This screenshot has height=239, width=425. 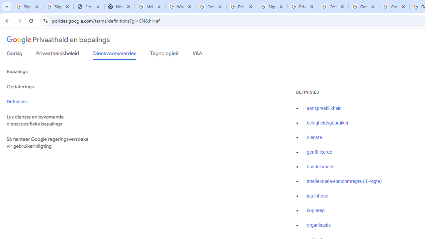 What do you see at coordinates (317, 196) in the screenshot?
I see `'jou inhoud'` at bounding box center [317, 196].